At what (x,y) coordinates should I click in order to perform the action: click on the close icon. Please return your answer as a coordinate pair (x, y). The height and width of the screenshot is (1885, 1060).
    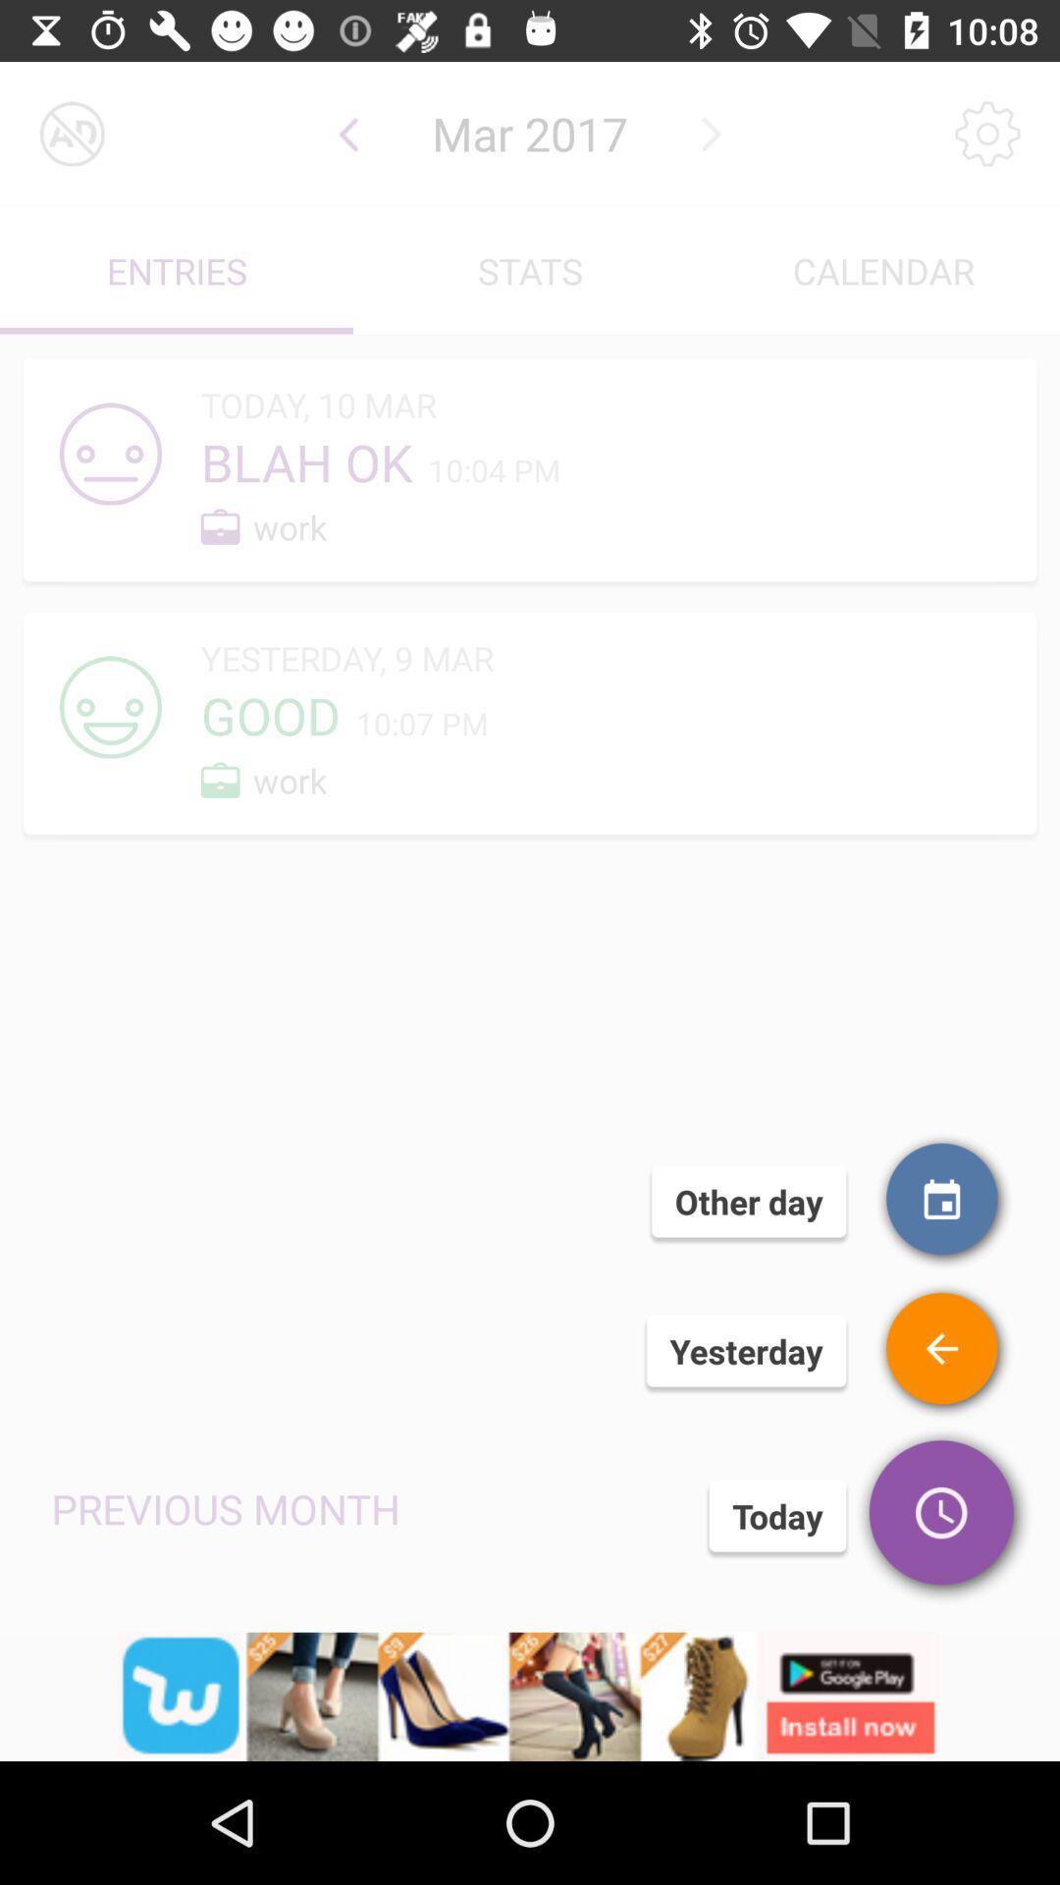
    Looking at the image, I should click on (71, 133).